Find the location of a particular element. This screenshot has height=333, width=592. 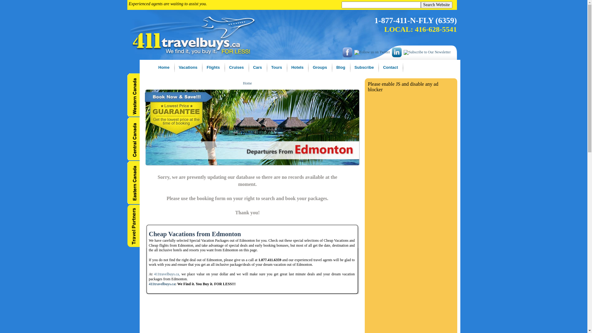

'411travelbuys.ca,' is located at coordinates (154, 273).